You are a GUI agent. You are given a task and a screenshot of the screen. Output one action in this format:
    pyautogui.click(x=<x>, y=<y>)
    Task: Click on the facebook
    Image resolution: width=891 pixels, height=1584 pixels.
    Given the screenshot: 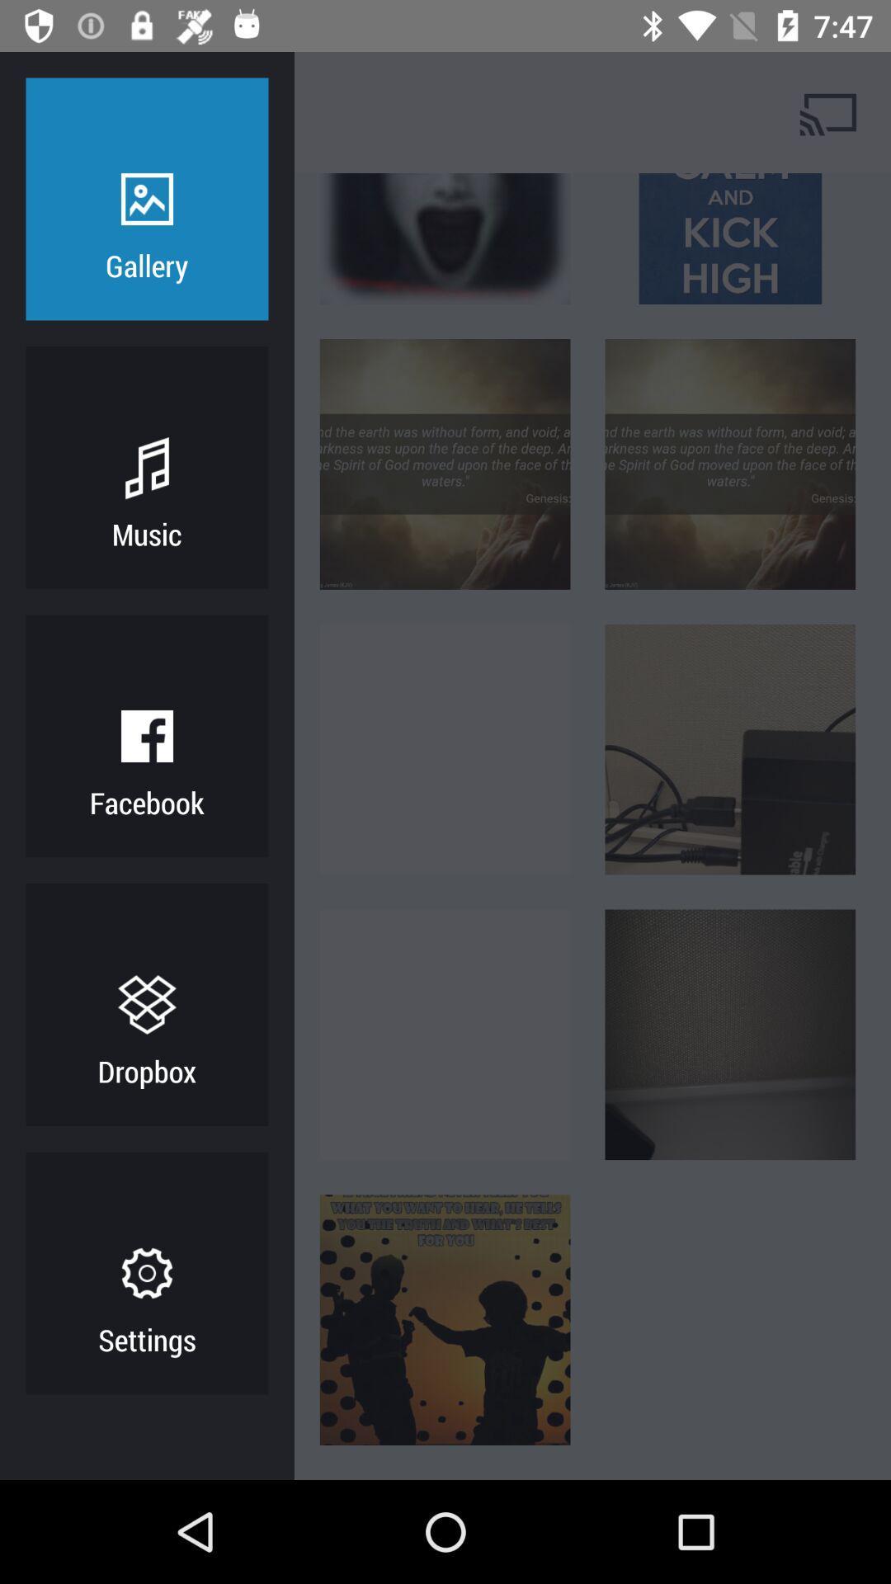 What is the action you would take?
    pyautogui.click(x=146, y=802)
    